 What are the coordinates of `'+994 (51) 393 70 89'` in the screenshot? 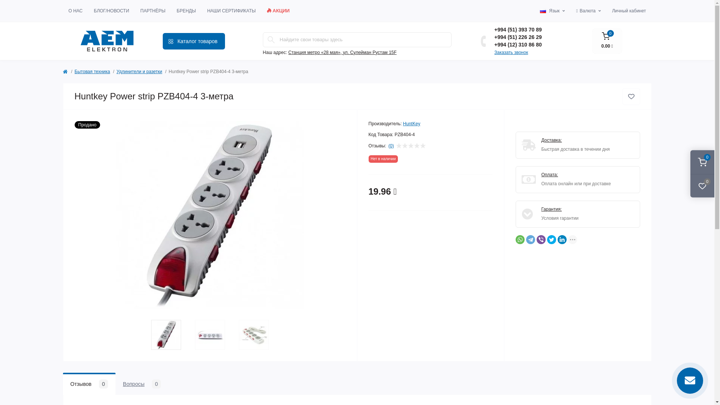 It's located at (517, 29).